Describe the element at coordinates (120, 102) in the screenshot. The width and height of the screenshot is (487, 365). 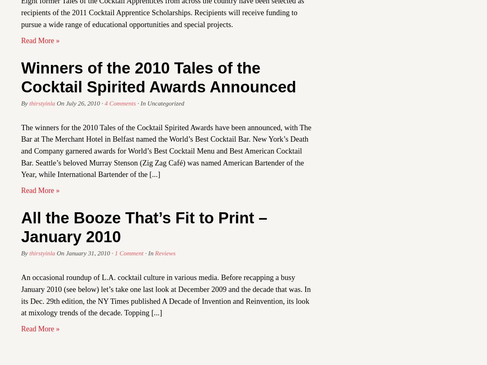
I see `'4 Comments'` at that location.